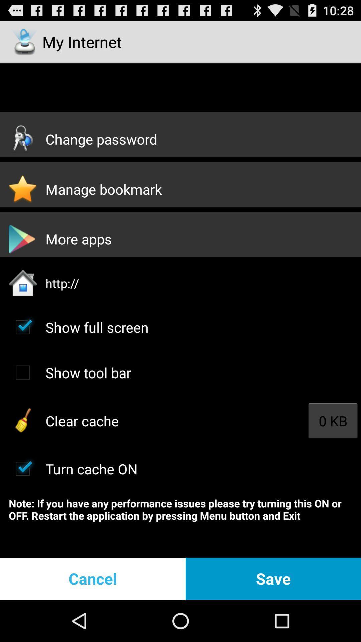  What do you see at coordinates (22, 468) in the screenshot?
I see `turn on` at bounding box center [22, 468].